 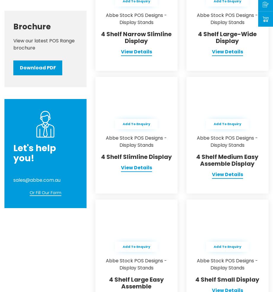 I want to click on 'Or Fill Our Form', so click(x=45, y=192).